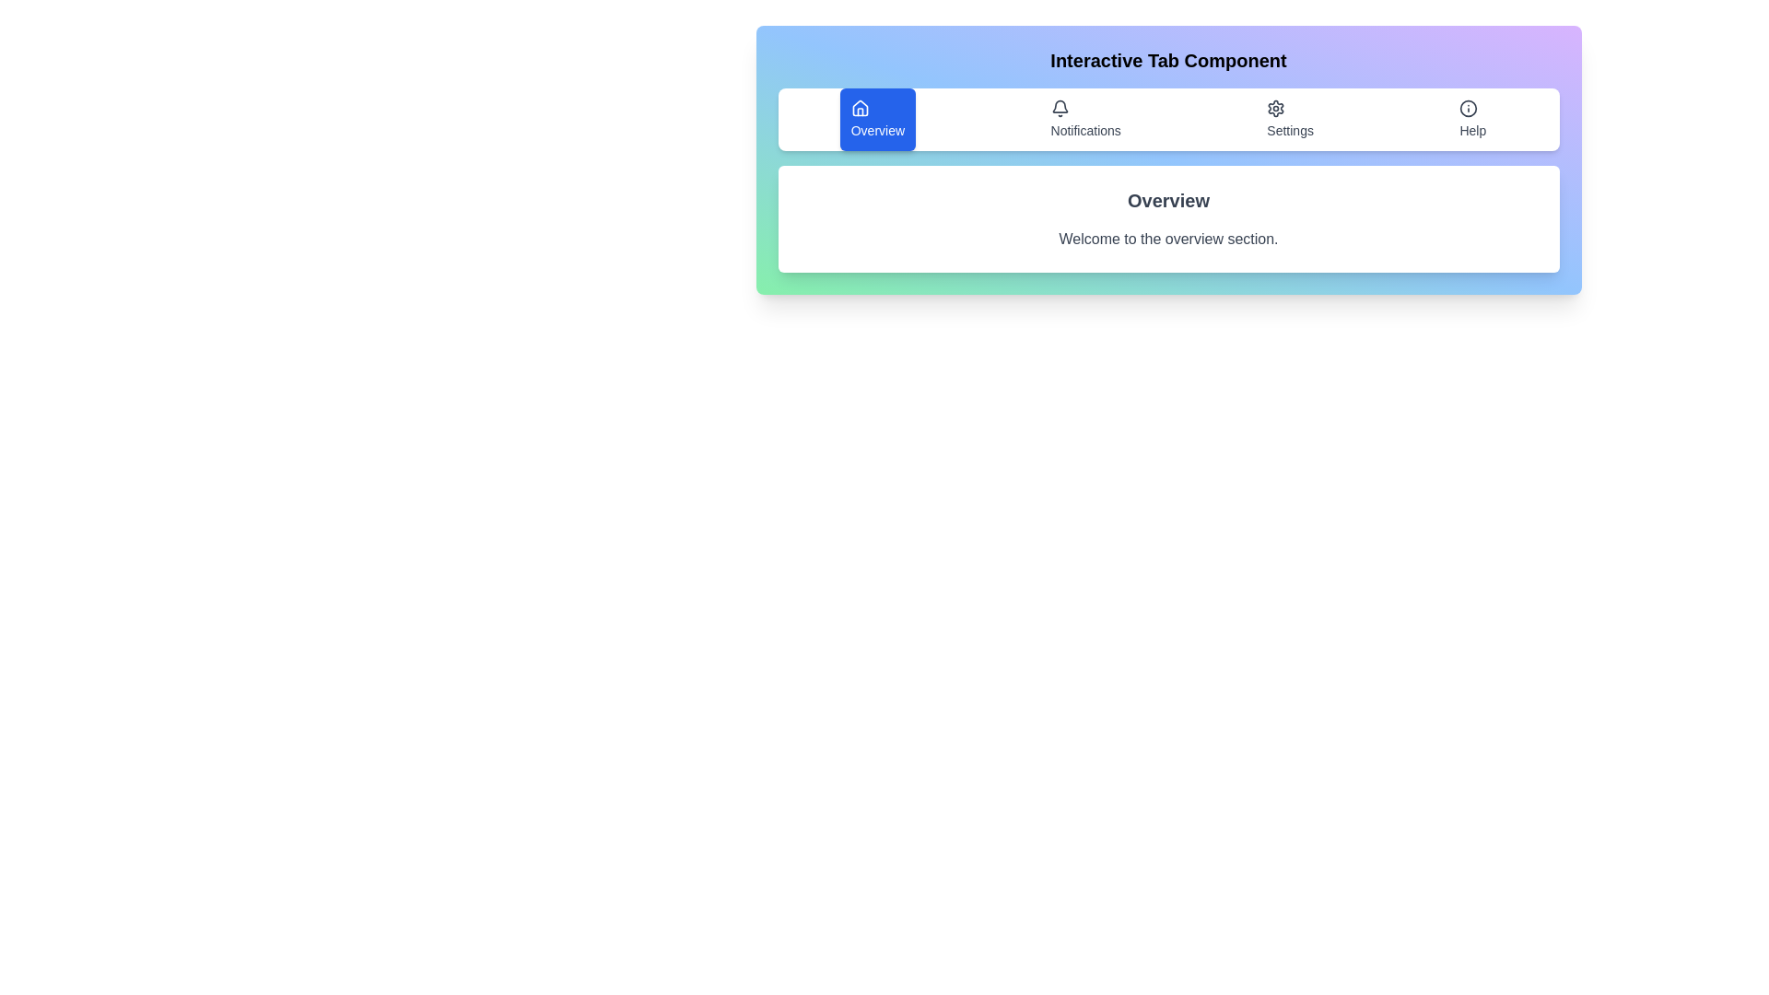  I want to click on the tab labeled Settings, so click(1289, 120).